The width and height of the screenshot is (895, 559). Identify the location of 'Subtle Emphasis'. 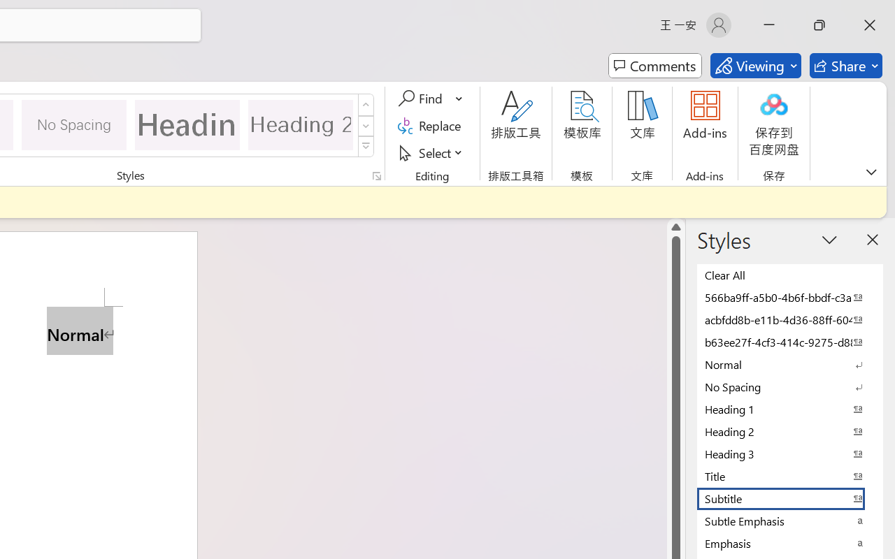
(790, 521).